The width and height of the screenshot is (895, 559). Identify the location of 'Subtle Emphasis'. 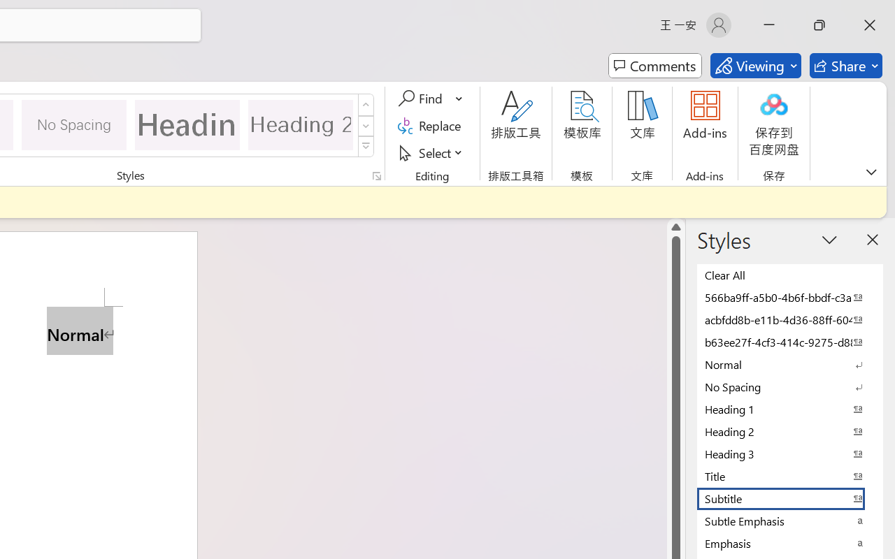
(790, 521).